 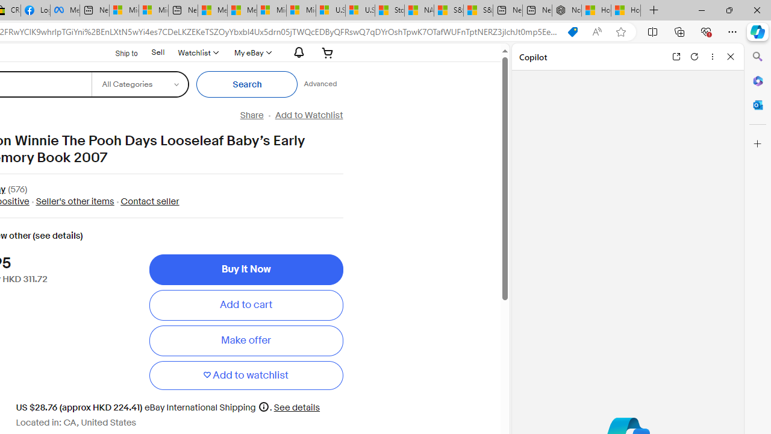 What do you see at coordinates (297, 407) in the screenshot?
I see `'See details for shipping'` at bounding box center [297, 407].